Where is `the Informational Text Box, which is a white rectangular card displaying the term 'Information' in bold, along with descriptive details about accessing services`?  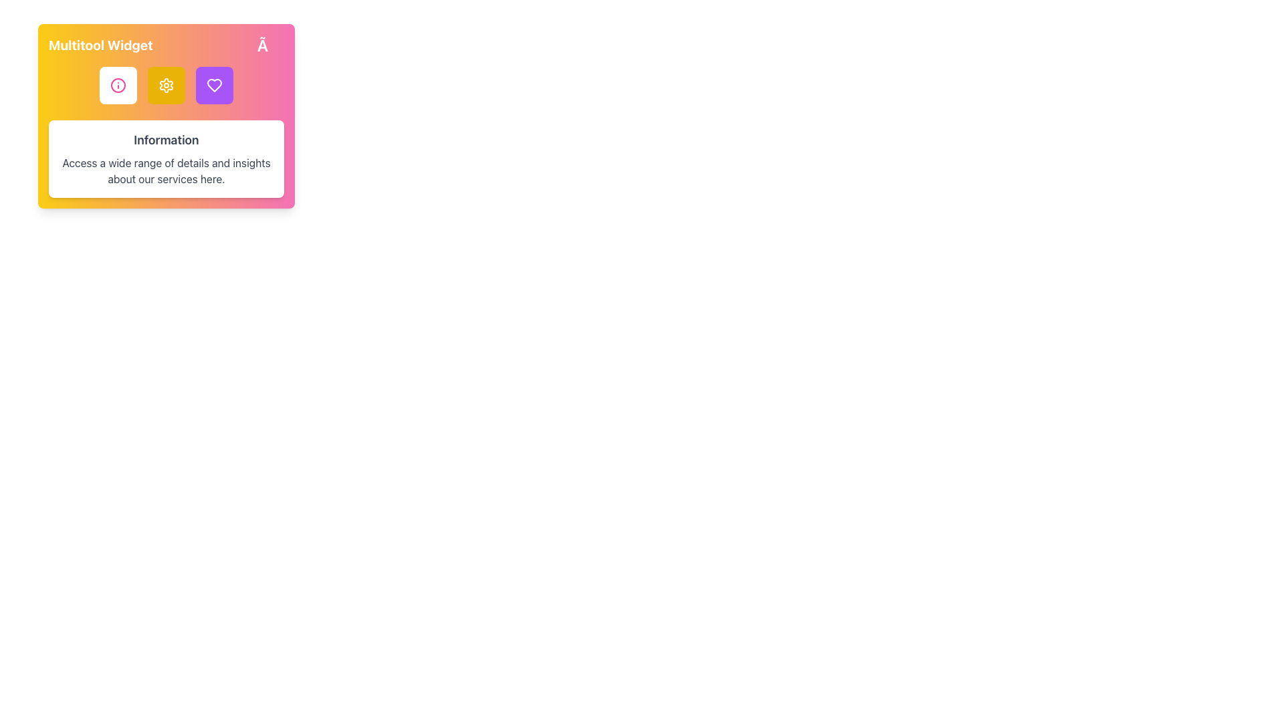 the Informational Text Box, which is a white rectangular card displaying the term 'Information' in bold, along with descriptive details about accessing services is located at coordinates (166, 158).